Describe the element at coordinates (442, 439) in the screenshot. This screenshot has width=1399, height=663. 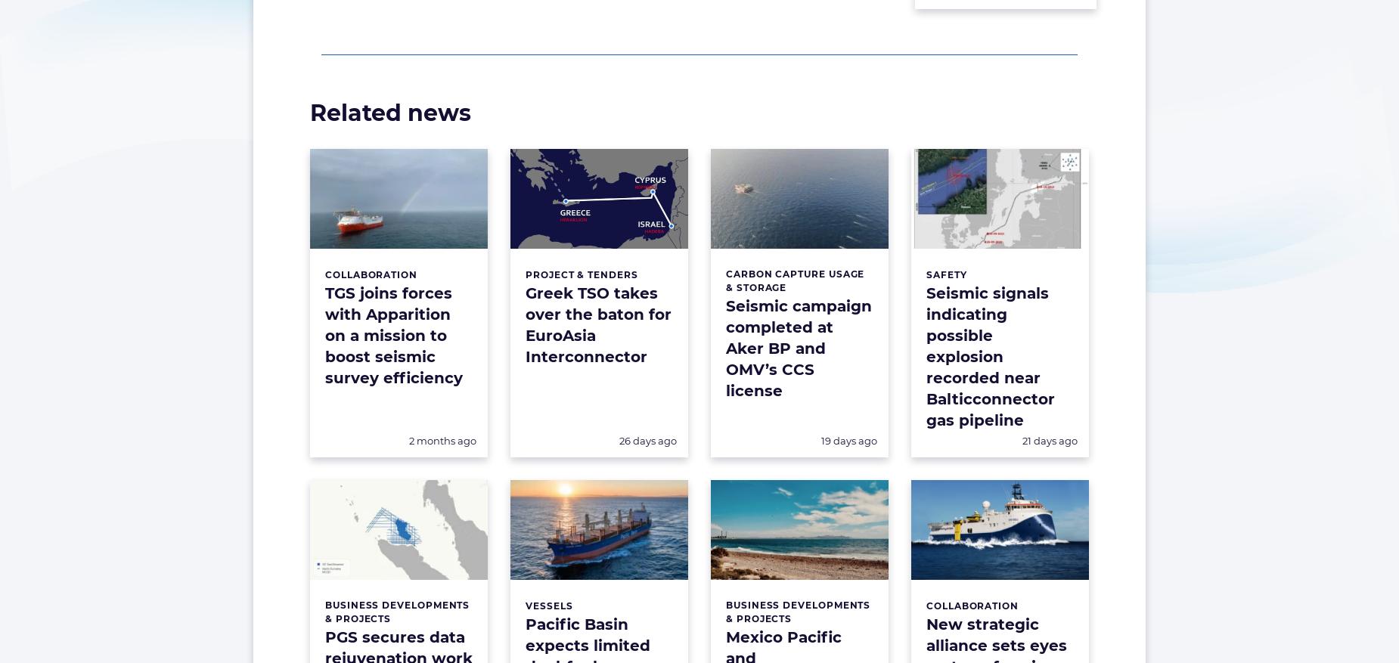
I see `'2 months ago'` at that location.